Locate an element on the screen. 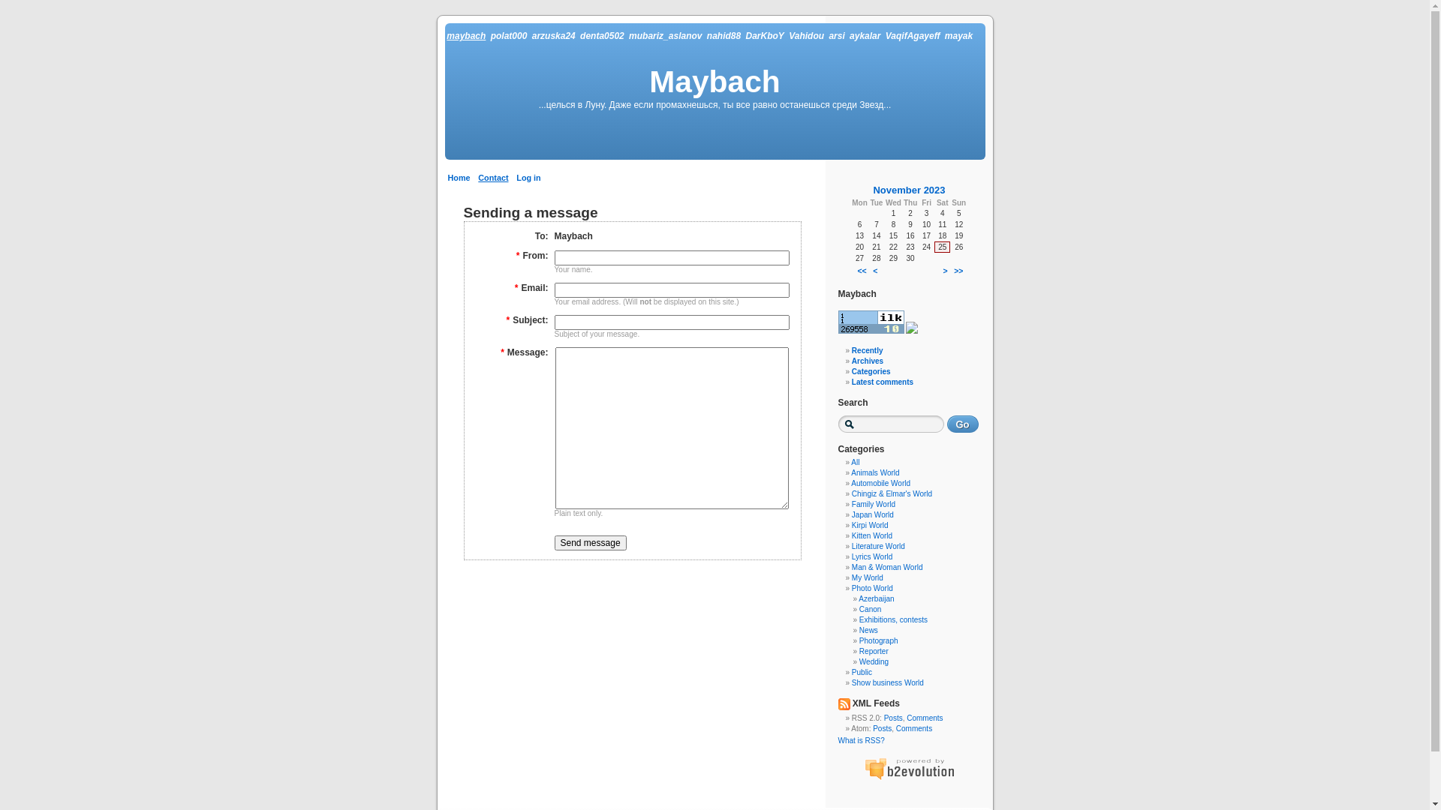 The height and width of the screenshot is (810, 1441). 'arsi' is located at coordinates (828, 34).